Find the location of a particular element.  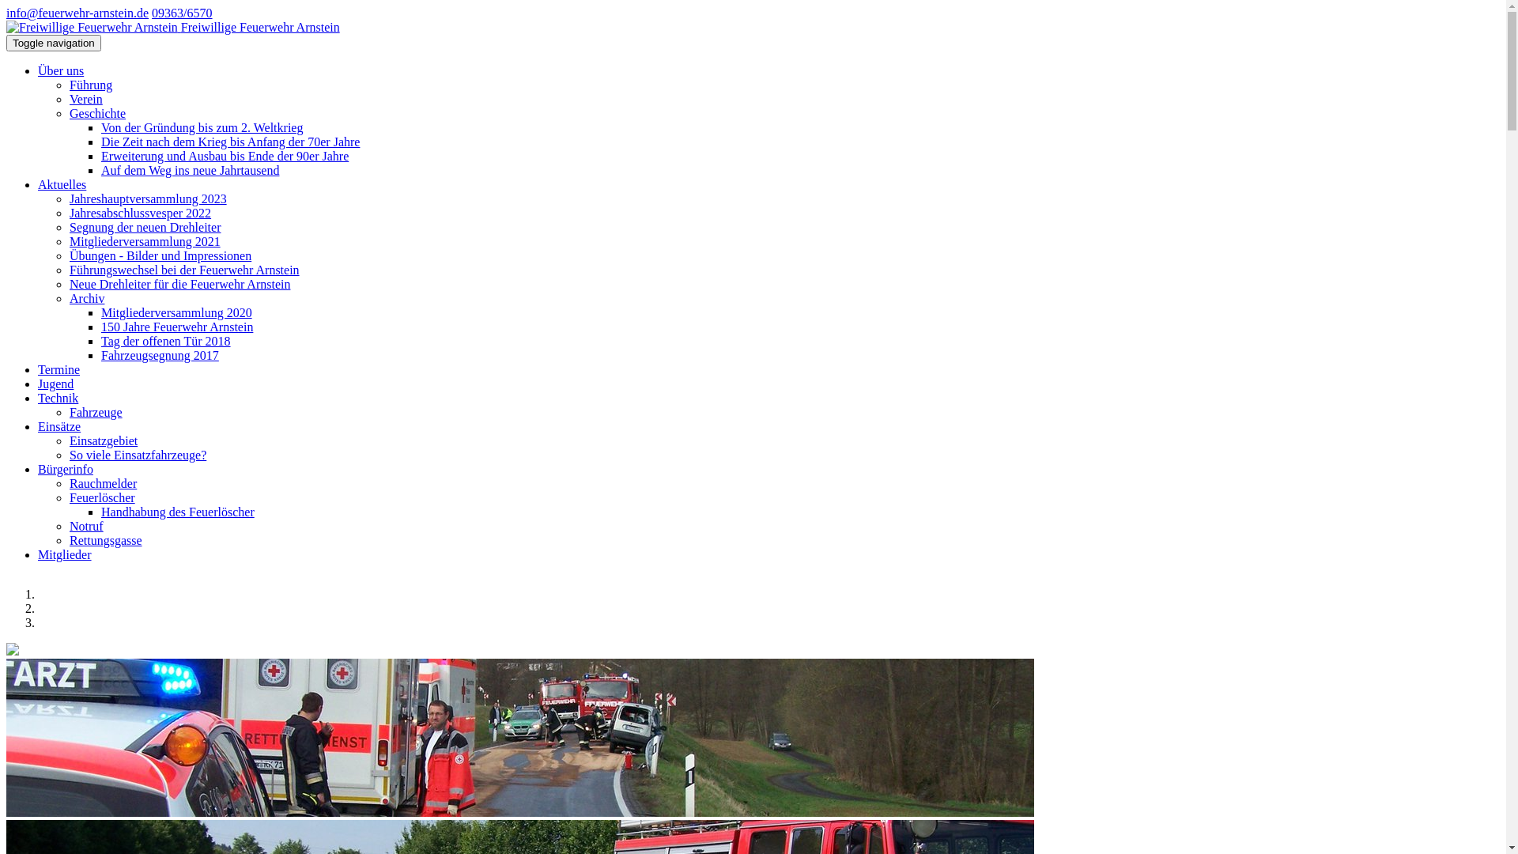

'Fahrzeuge' is located at coordinates (95, 411).